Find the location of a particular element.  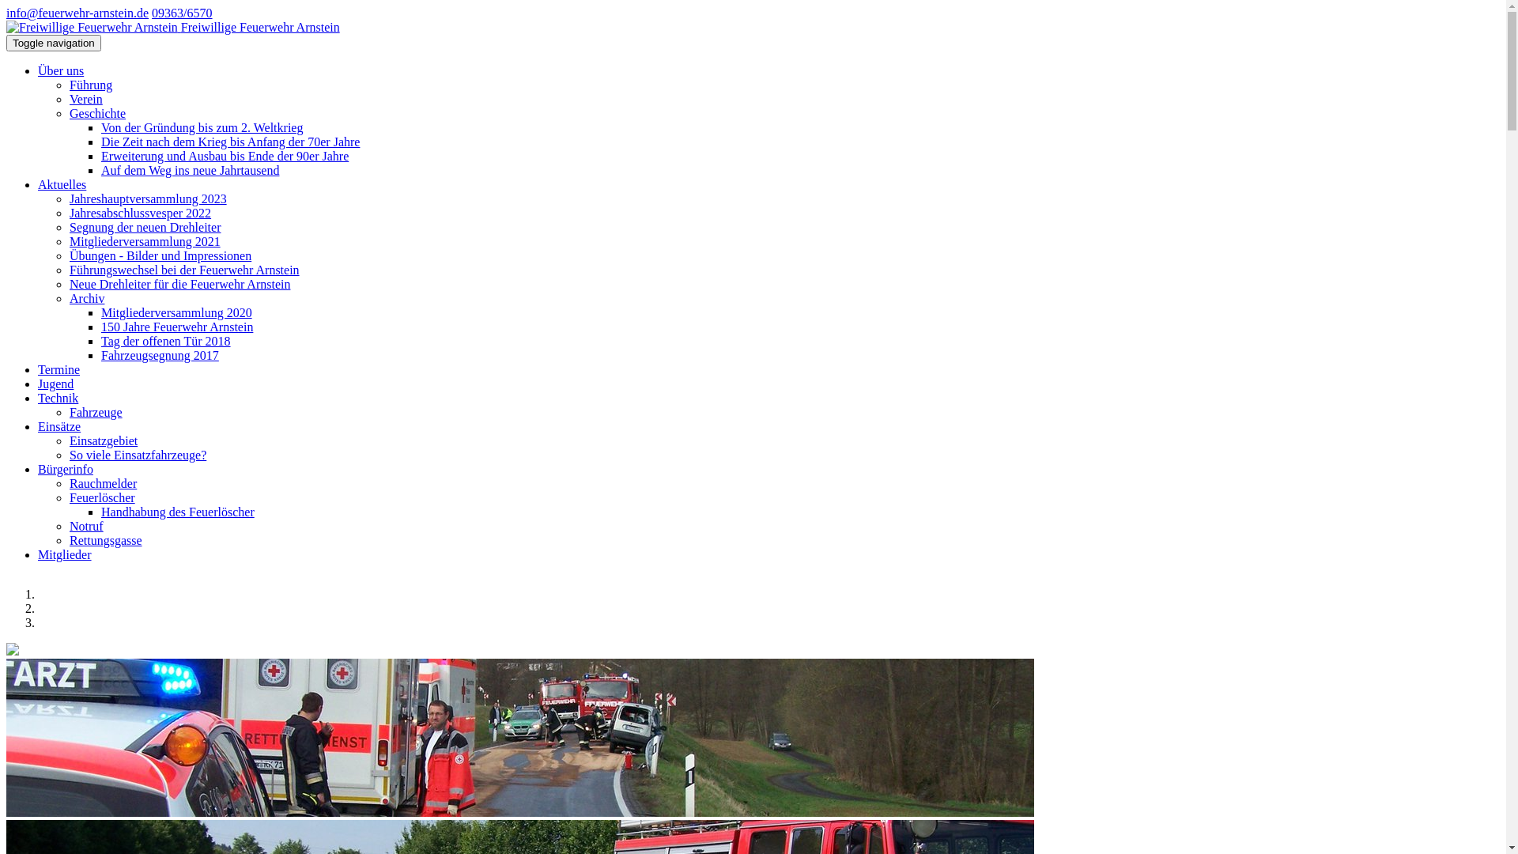

'Fahrzeuge' is located at coordinates (95, 411).